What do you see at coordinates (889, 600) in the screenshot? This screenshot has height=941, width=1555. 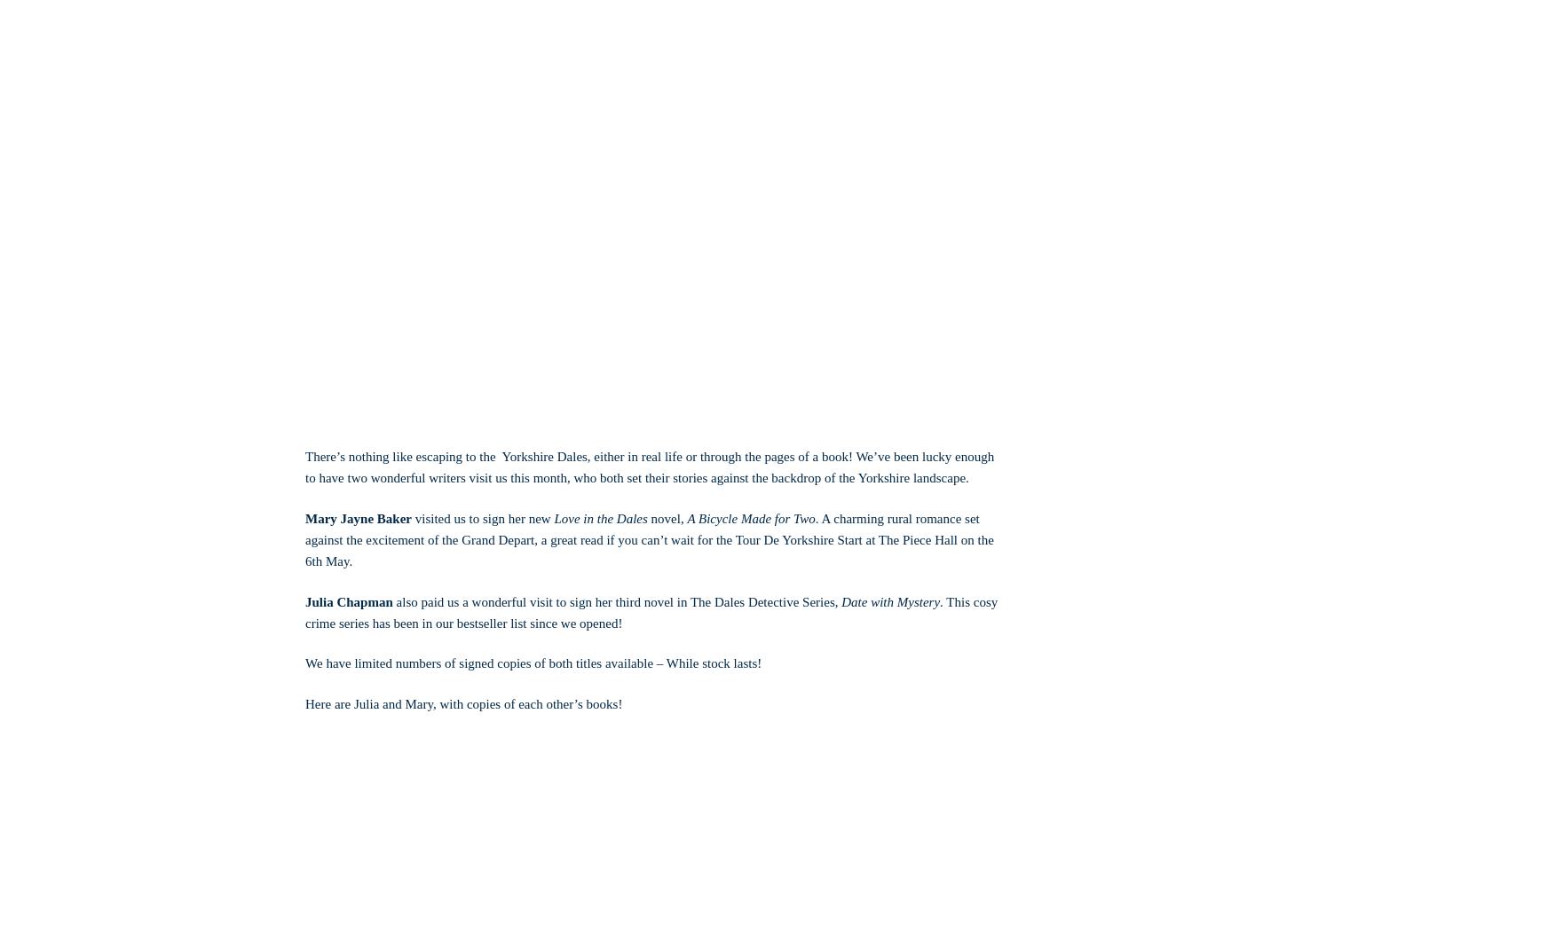 I see `'Date with Mystery'` at bounding box center [889, 600].